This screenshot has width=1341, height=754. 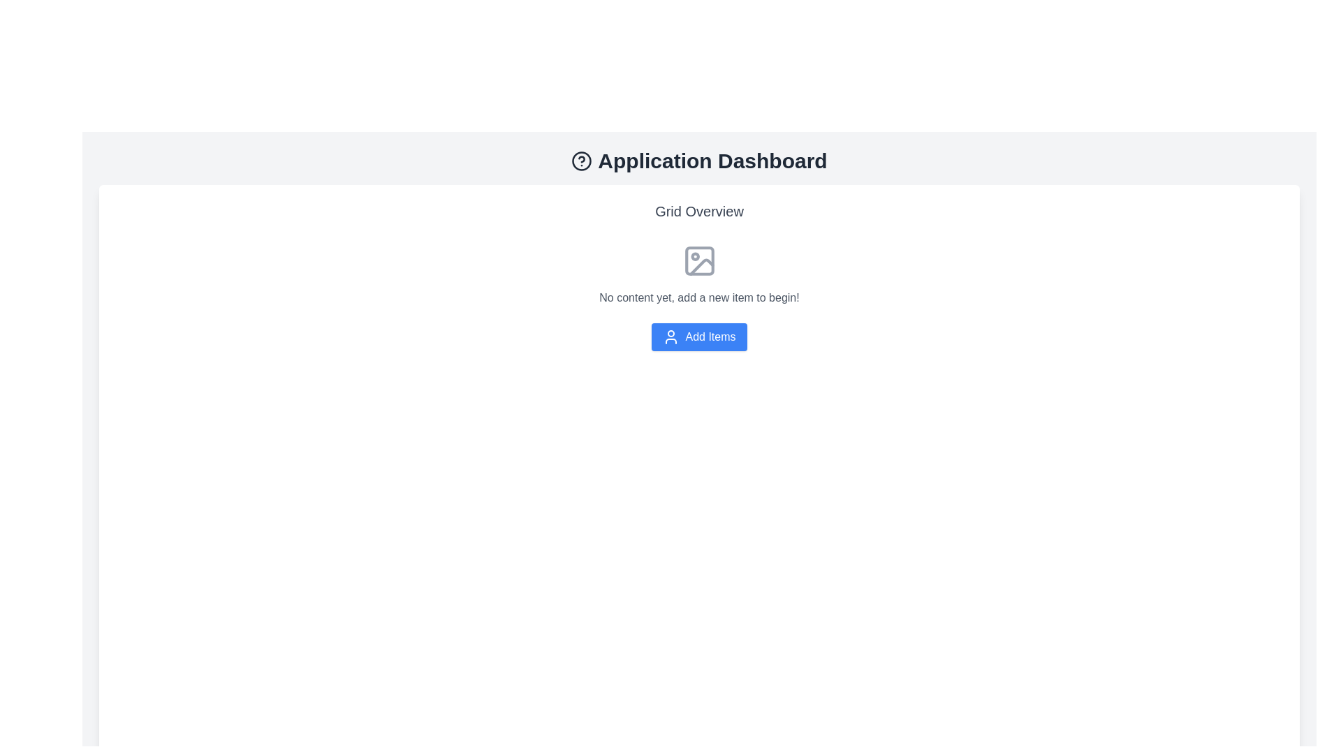 What do you see at coordinates (699, 296) in the screenshot?
I see `the text block that informs the user there is no content currently available, located under the heading 'Grid Overview'` at bounding box center [699, 296].